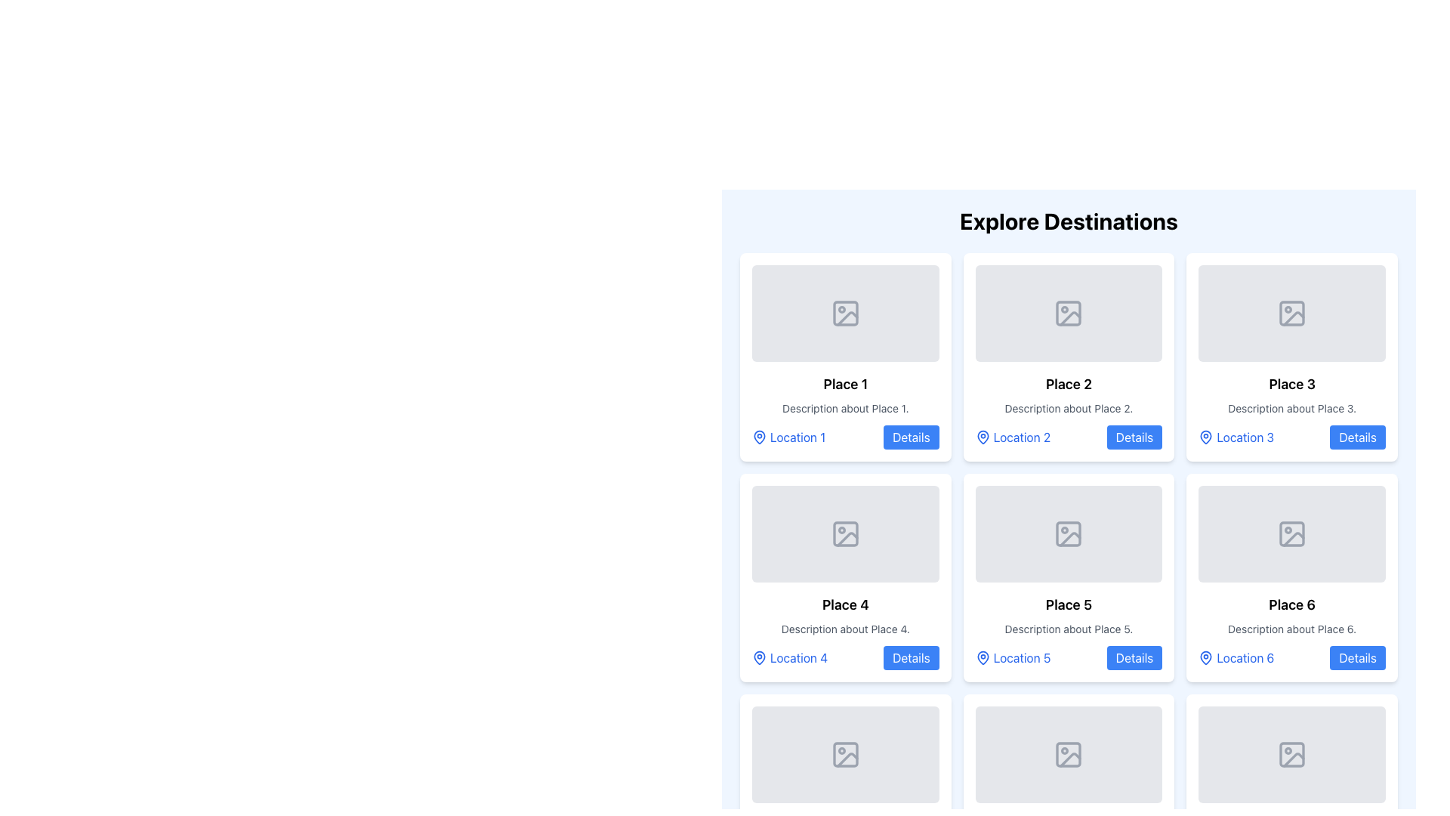 The width and height of the screenshot is (1450, 816). Describe the element at coordinates (1291, 533) in the screenshot. I see `the image placeholder icon within the card for 'Place 6' located in the third row and second column of the grid` at that location.